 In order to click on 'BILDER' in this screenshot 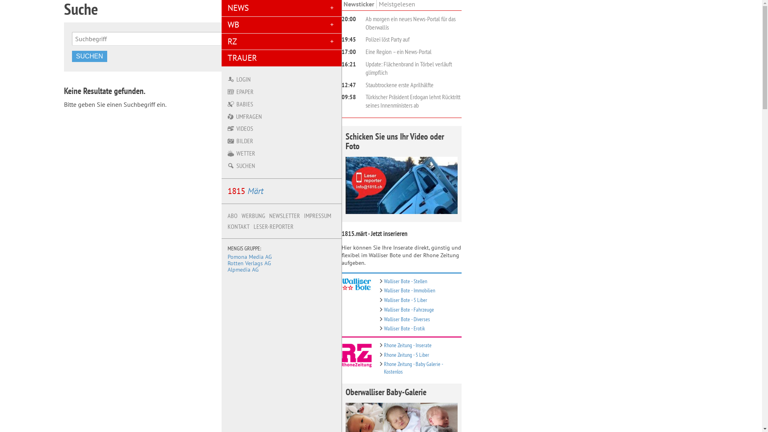, I will do `click(282, 140)`.